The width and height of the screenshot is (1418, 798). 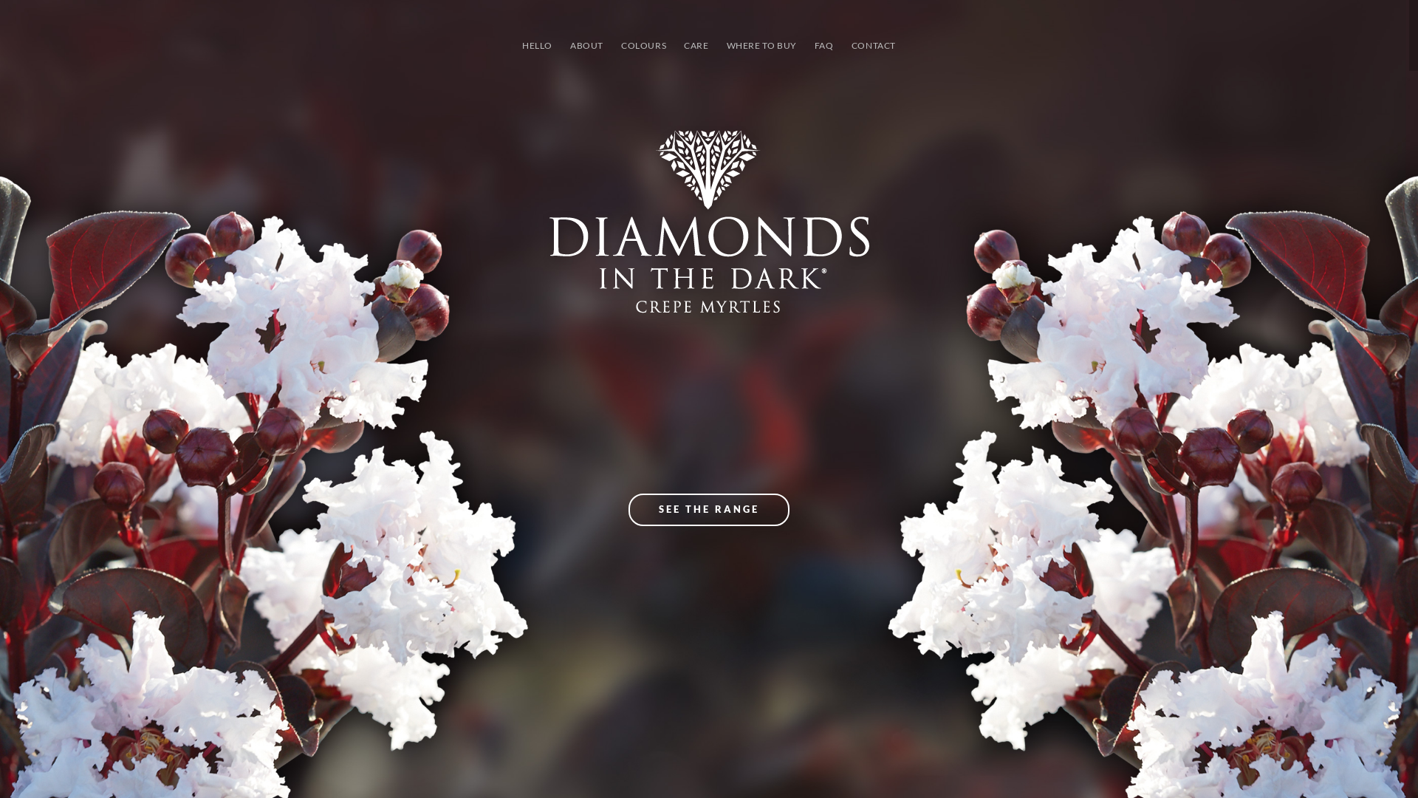 What do you see at coordinates (873, 44) in the screenshot?
I see `'CONTACT'` at bounding box center [873, 44].